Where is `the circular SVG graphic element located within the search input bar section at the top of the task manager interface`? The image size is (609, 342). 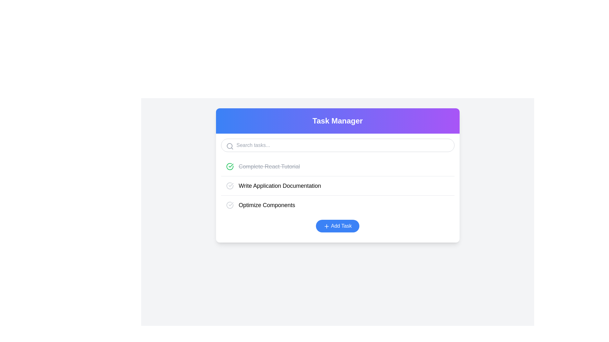
the circular SVG graphic element located within the search input bar section at the top of the task manager interface is located at coordinates (229, 146).